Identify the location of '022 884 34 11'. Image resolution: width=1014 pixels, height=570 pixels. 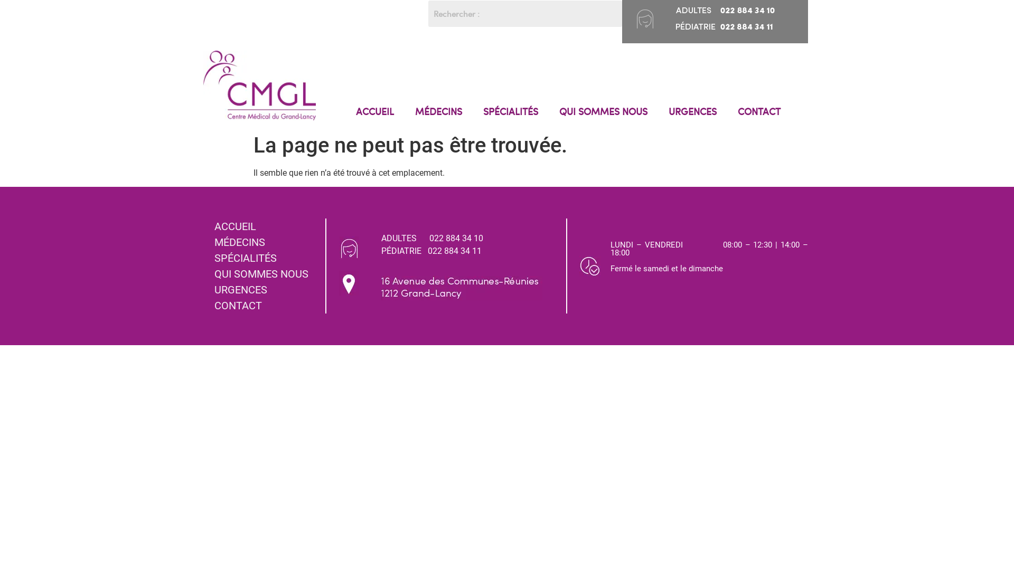
(454, 251).